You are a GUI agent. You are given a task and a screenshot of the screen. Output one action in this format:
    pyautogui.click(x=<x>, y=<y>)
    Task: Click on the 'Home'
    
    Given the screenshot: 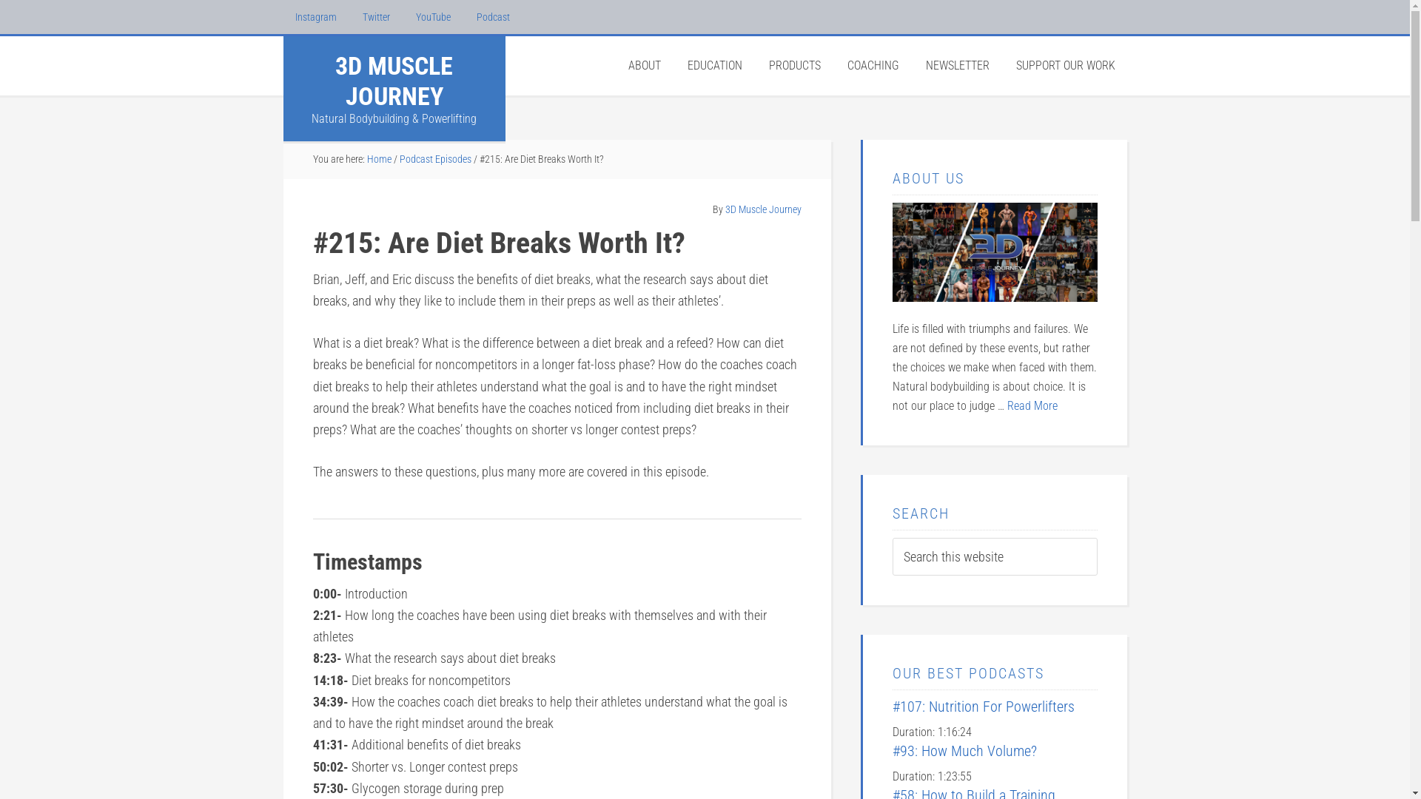 What is the action you would take?
    pyautogui.click(x=379, y=159)
    